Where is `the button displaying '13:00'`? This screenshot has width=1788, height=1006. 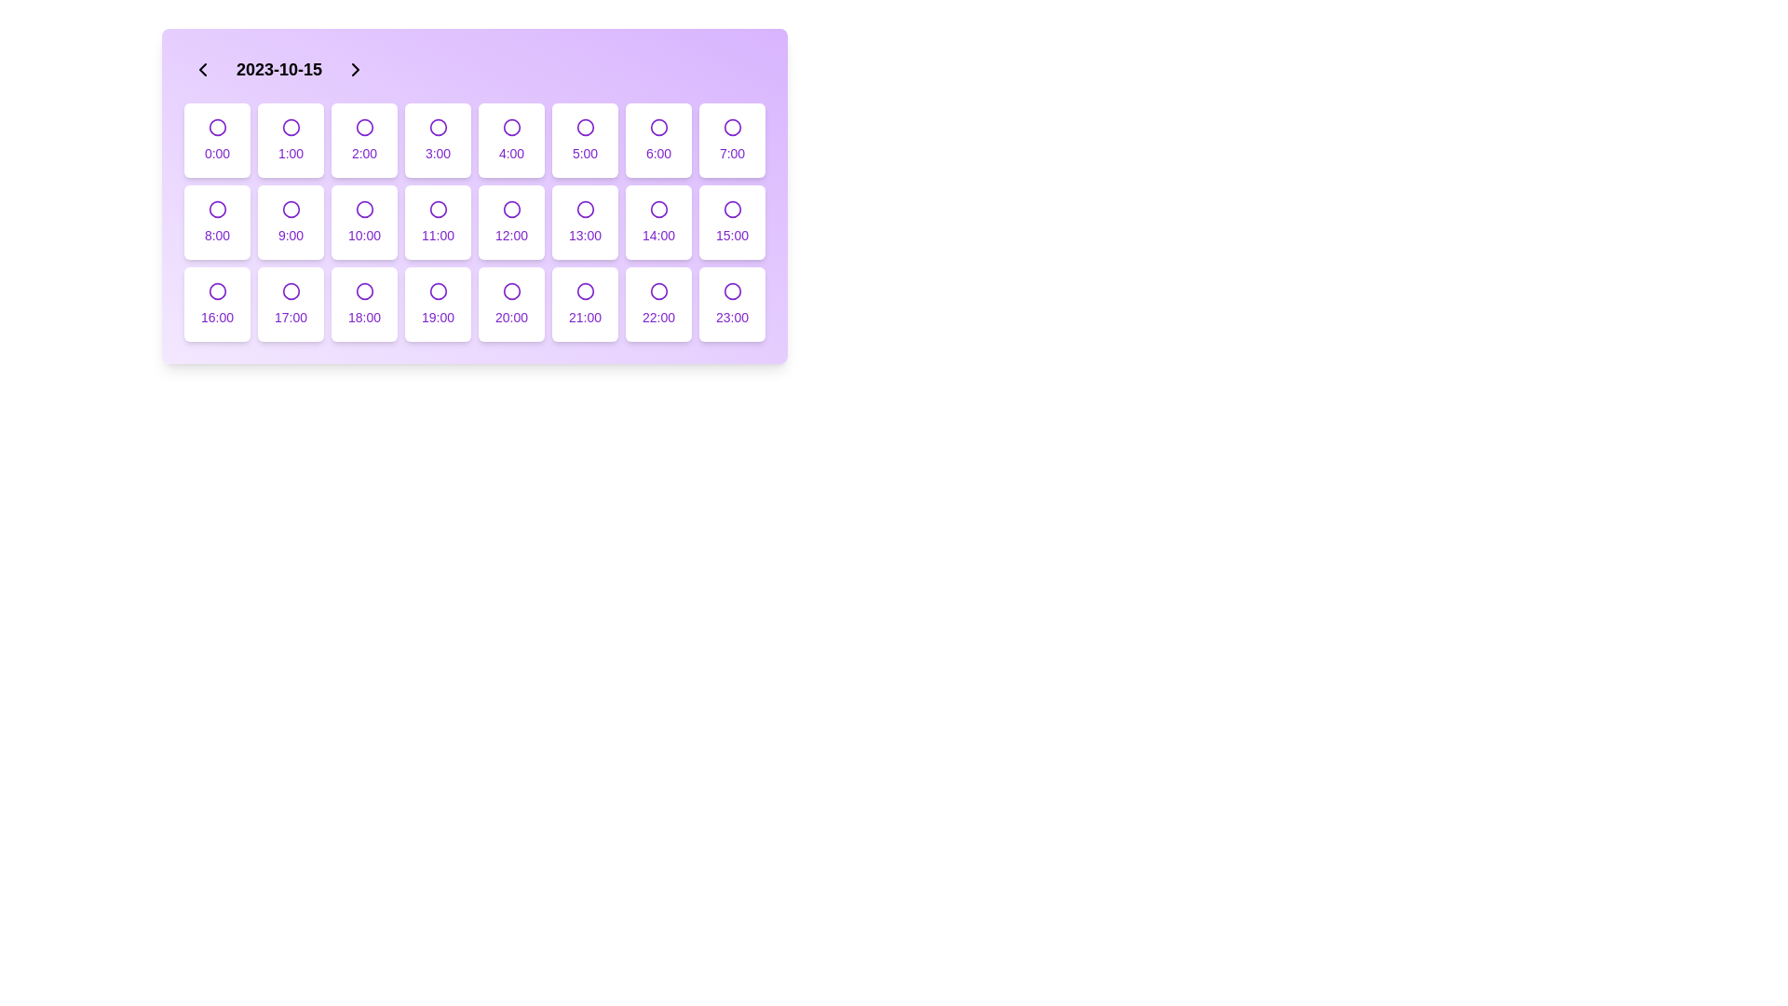
the button displaying '13:00' is located at coordinates (584, 222).